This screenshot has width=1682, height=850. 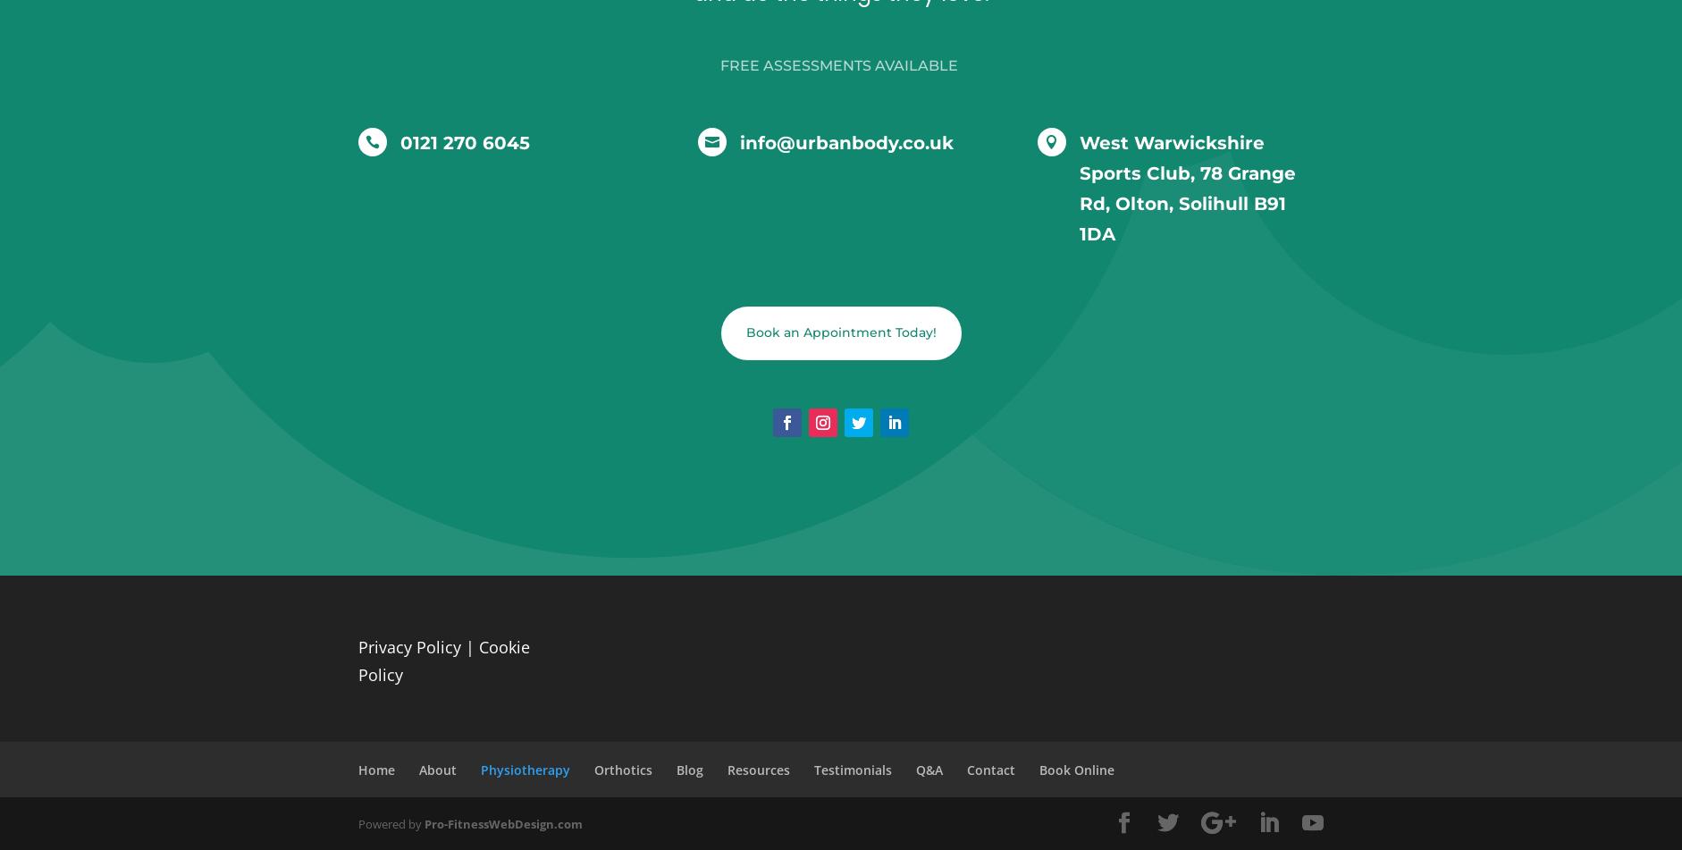 I want to click on 'Privacy Policy', so click(x=408, y=645).